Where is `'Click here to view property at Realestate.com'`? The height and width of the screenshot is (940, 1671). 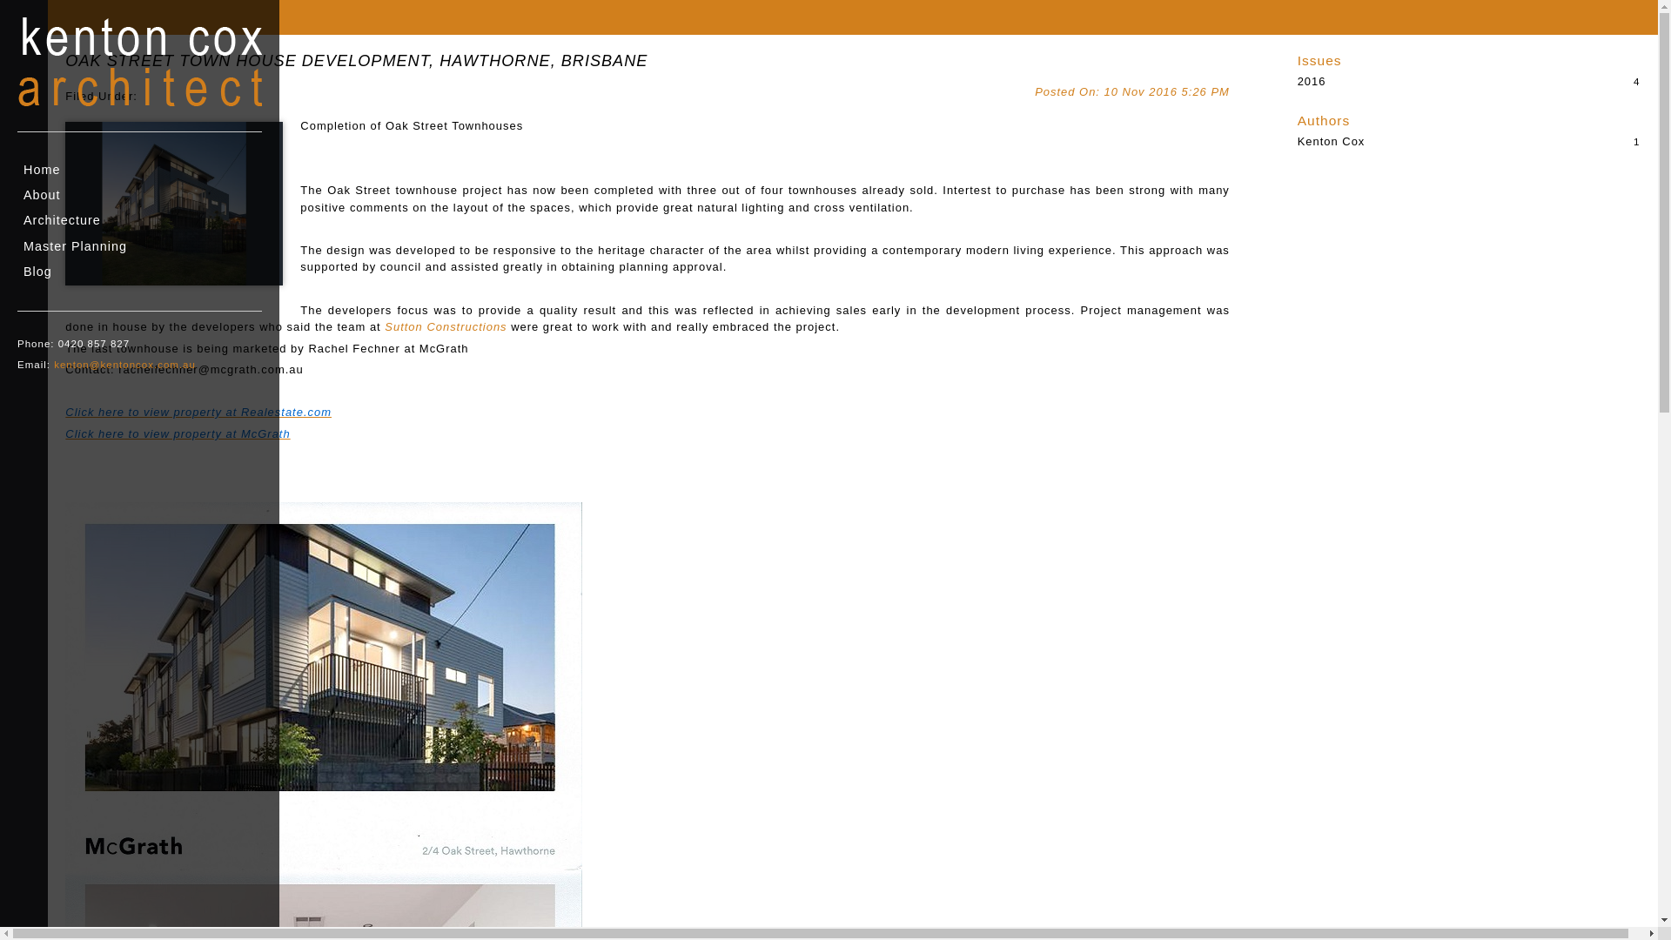 'Click here to view property at Realestate.com' is located at coordinates (198, 412).